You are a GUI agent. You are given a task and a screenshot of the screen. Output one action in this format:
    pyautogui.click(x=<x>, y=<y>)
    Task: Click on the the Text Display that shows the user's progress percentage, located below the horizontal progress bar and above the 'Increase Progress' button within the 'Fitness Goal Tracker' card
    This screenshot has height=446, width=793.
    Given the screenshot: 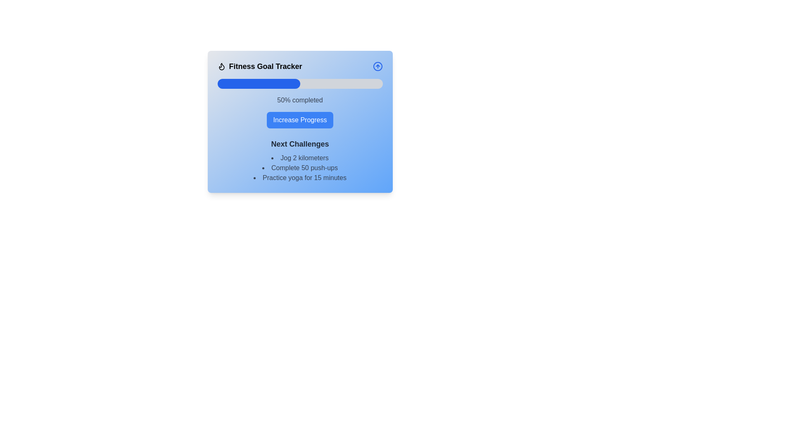 What is the action you would take?
    pyautogui.click(x=299, y=100)
    